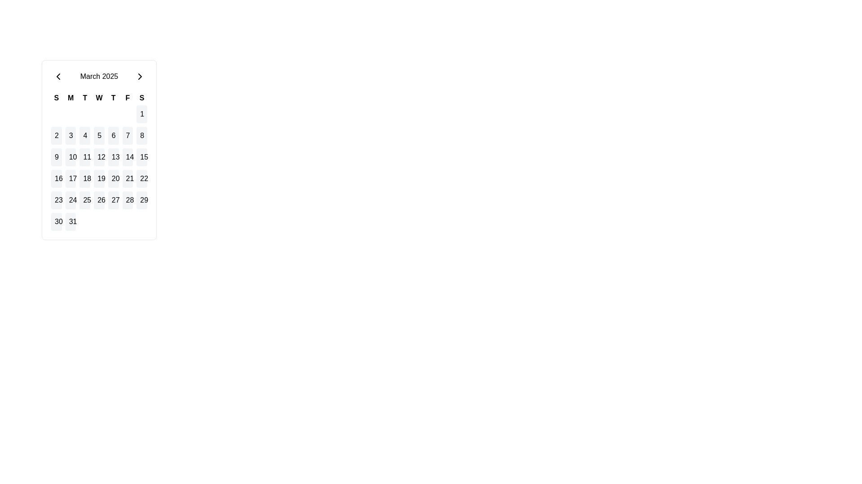 This screenshot has height=484, width=862. What do you see at coordinates (56, 200) in the screenshot?
I see `the selectable calendar day button representing the 23rd of the month, located in the first column of the fourth row in the calendar grid` at bounding box center [56, 200].